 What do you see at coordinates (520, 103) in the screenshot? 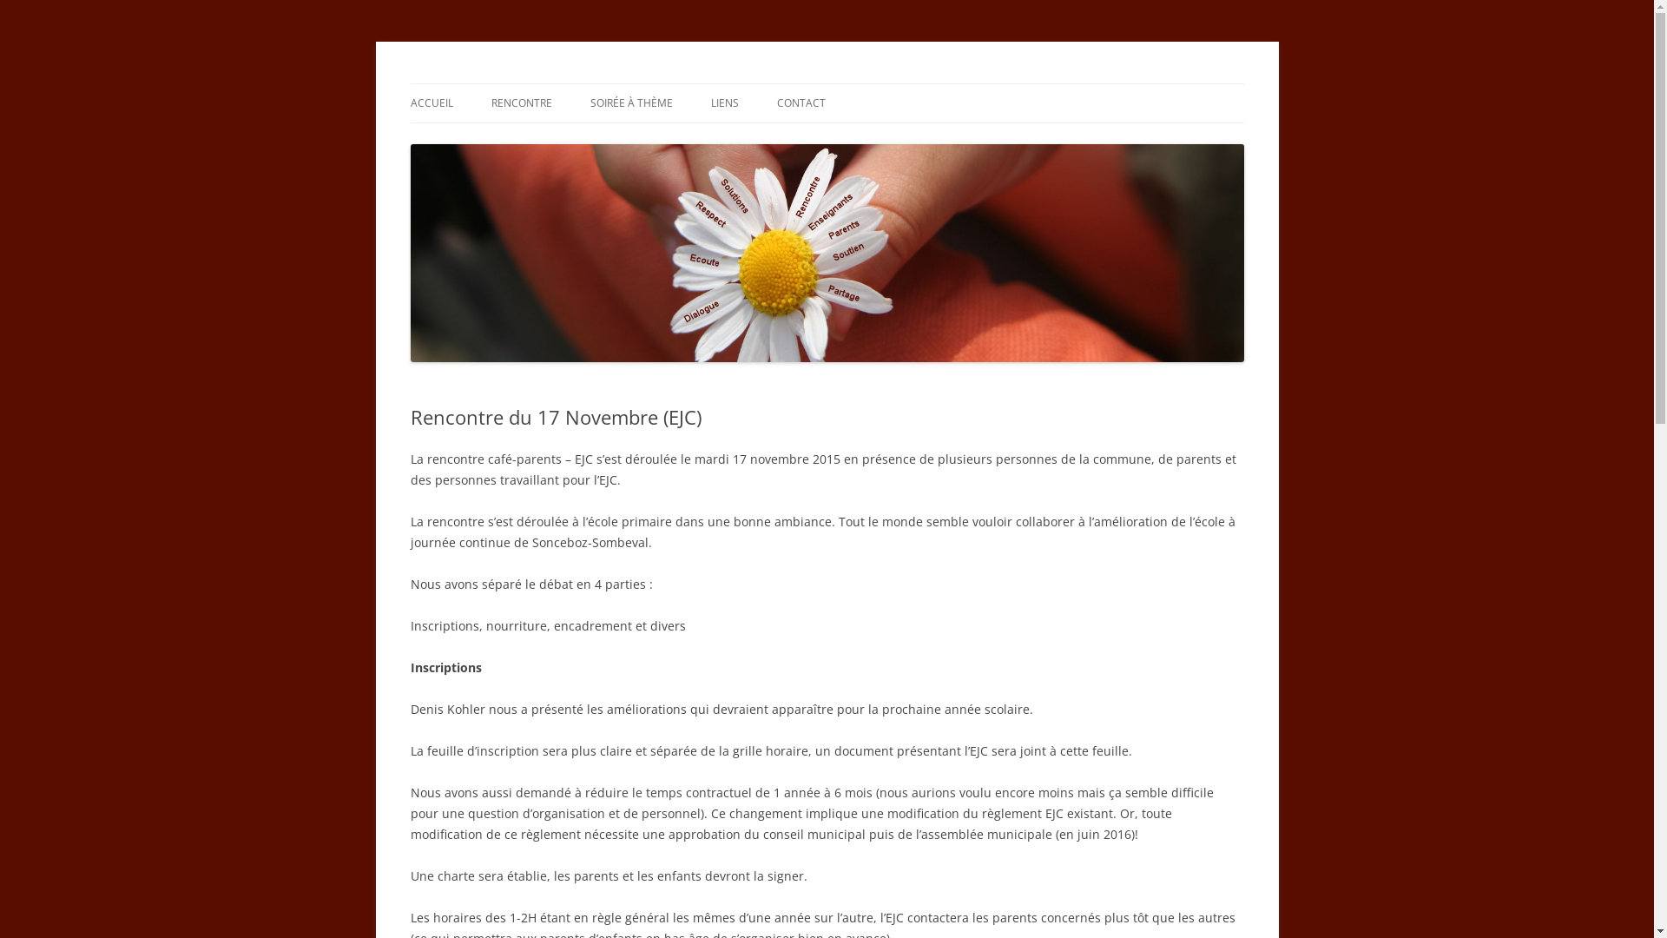
I see `'RENCONTRE'` at bounding box center [520, 103].